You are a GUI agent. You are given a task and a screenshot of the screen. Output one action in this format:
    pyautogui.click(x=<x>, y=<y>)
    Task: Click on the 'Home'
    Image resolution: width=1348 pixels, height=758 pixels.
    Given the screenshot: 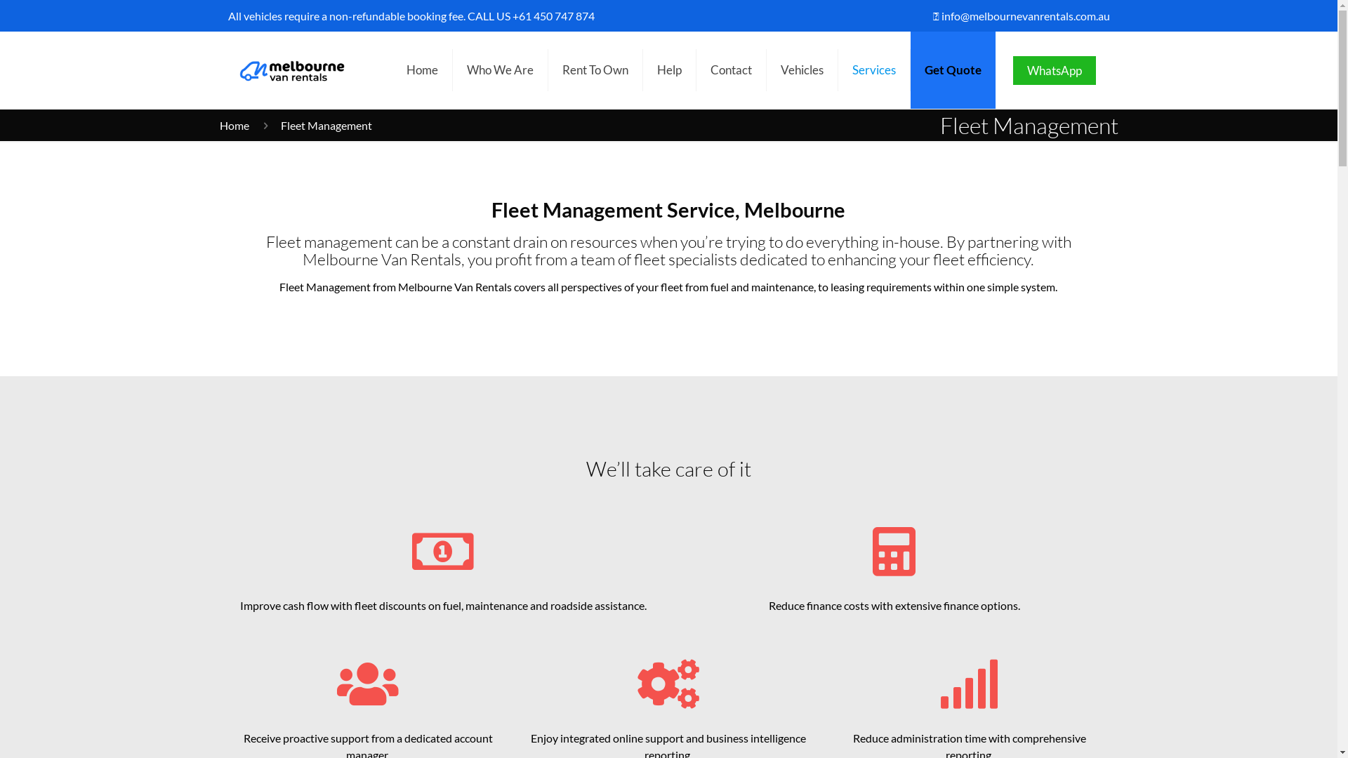 What is the action you would take?
    pyautogui.click(x=421, y=70)
    